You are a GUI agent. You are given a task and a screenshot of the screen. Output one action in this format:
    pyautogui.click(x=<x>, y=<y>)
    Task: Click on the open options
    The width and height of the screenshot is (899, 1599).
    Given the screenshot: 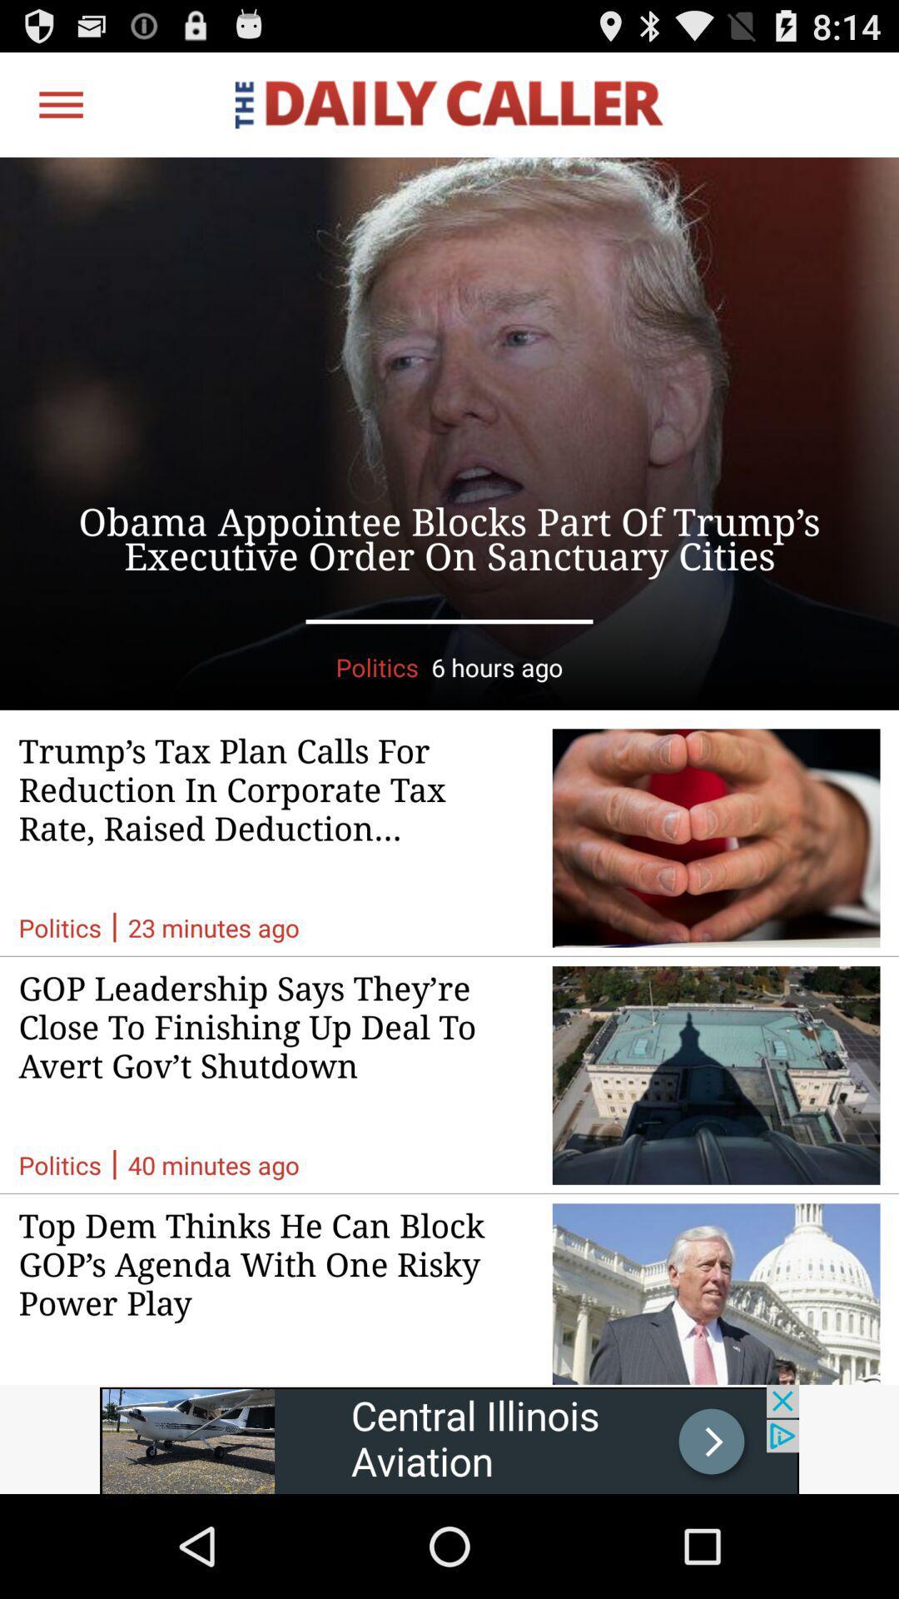 What is the action you would take?
    pyautogui.click(x=60, y=103)
    